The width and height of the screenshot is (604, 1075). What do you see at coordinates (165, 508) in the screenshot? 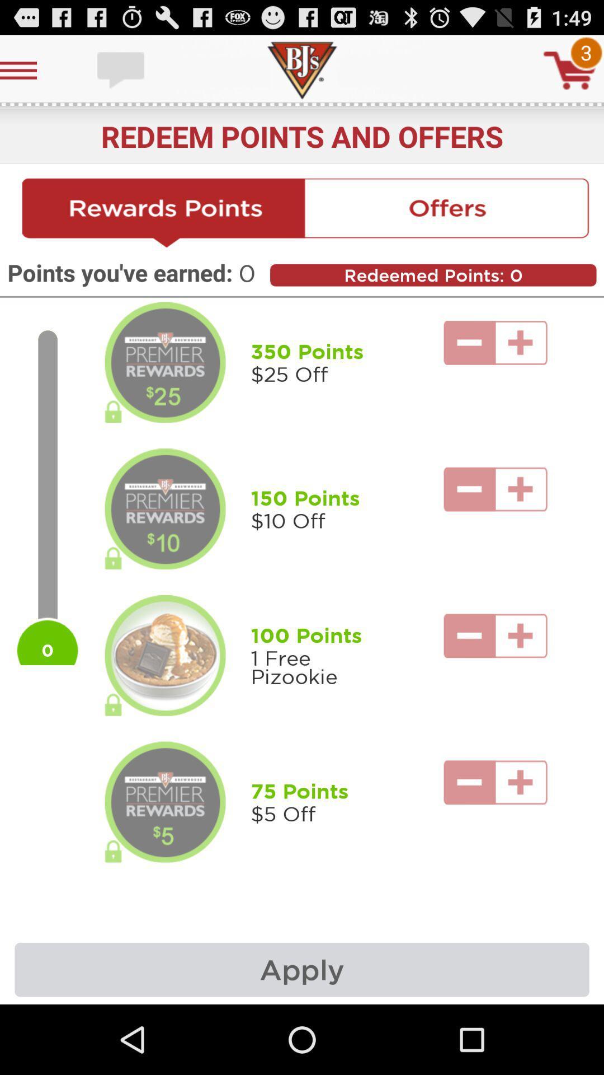
I see `rounded image` at bounding box center [165, 508].